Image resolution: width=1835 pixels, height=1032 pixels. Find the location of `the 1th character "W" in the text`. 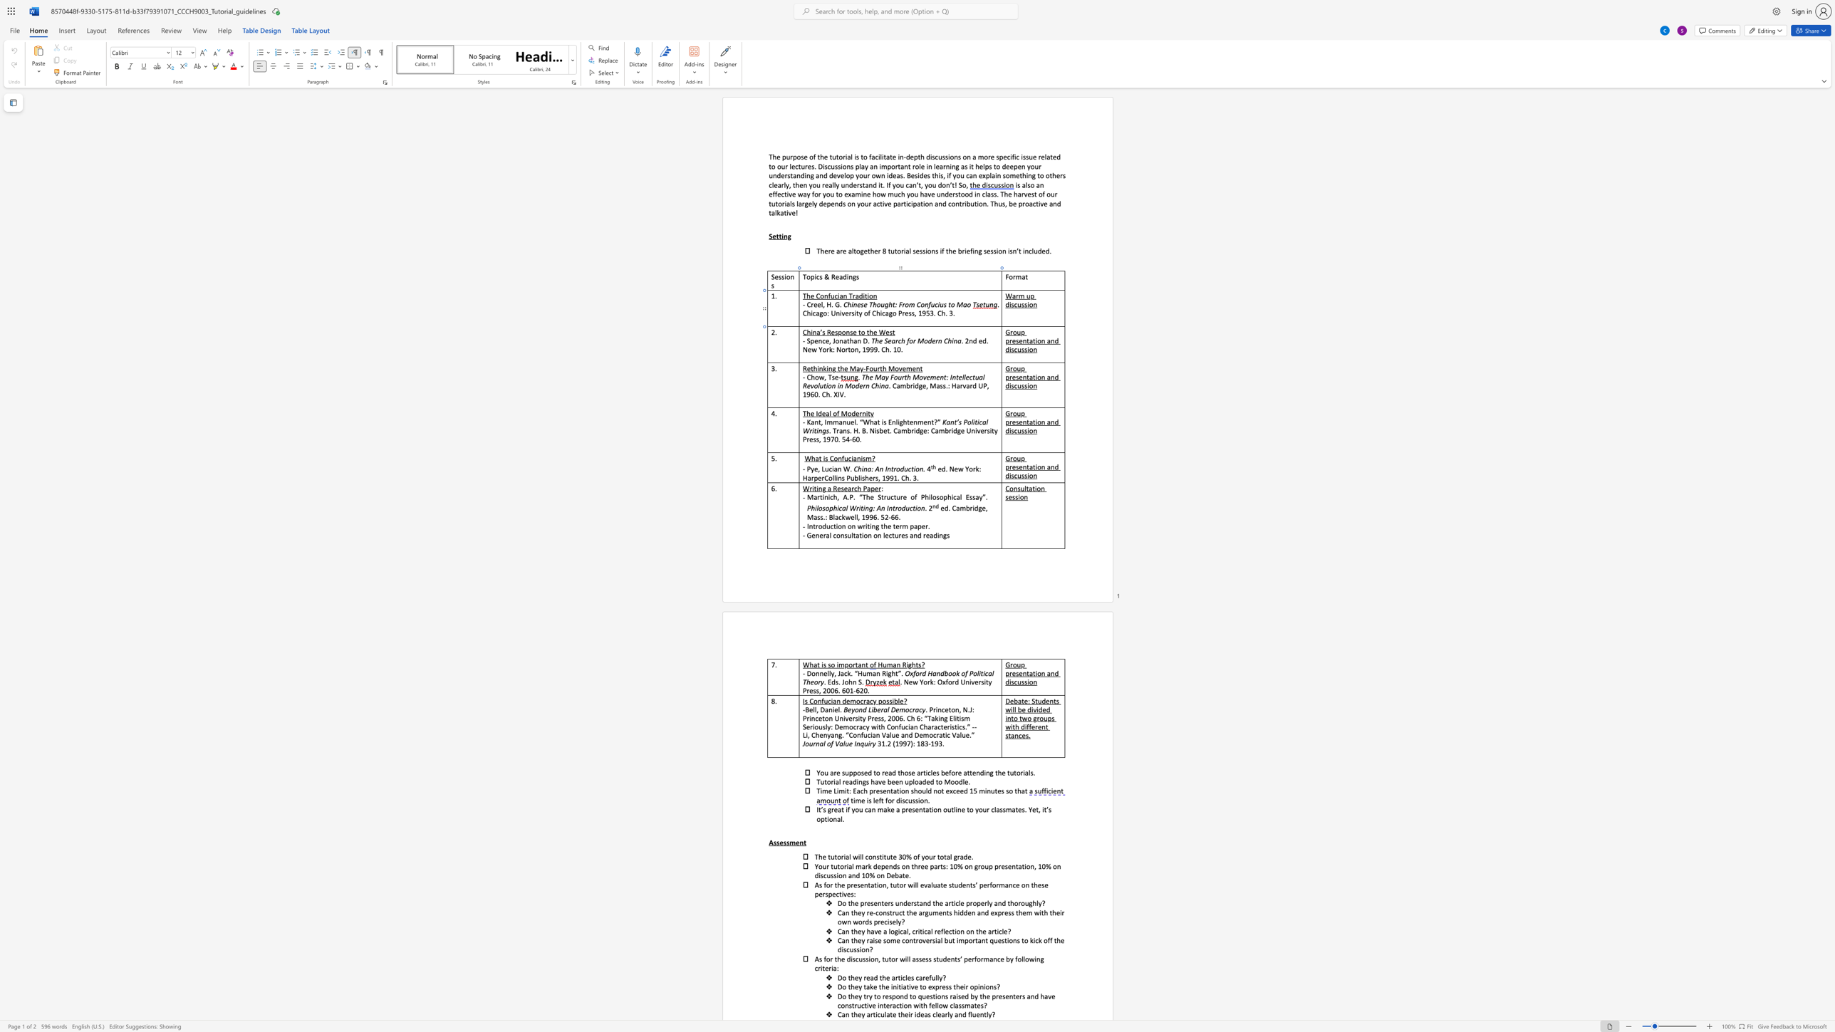

the 1th character "W" in the text is located at coordinates (881, 332).